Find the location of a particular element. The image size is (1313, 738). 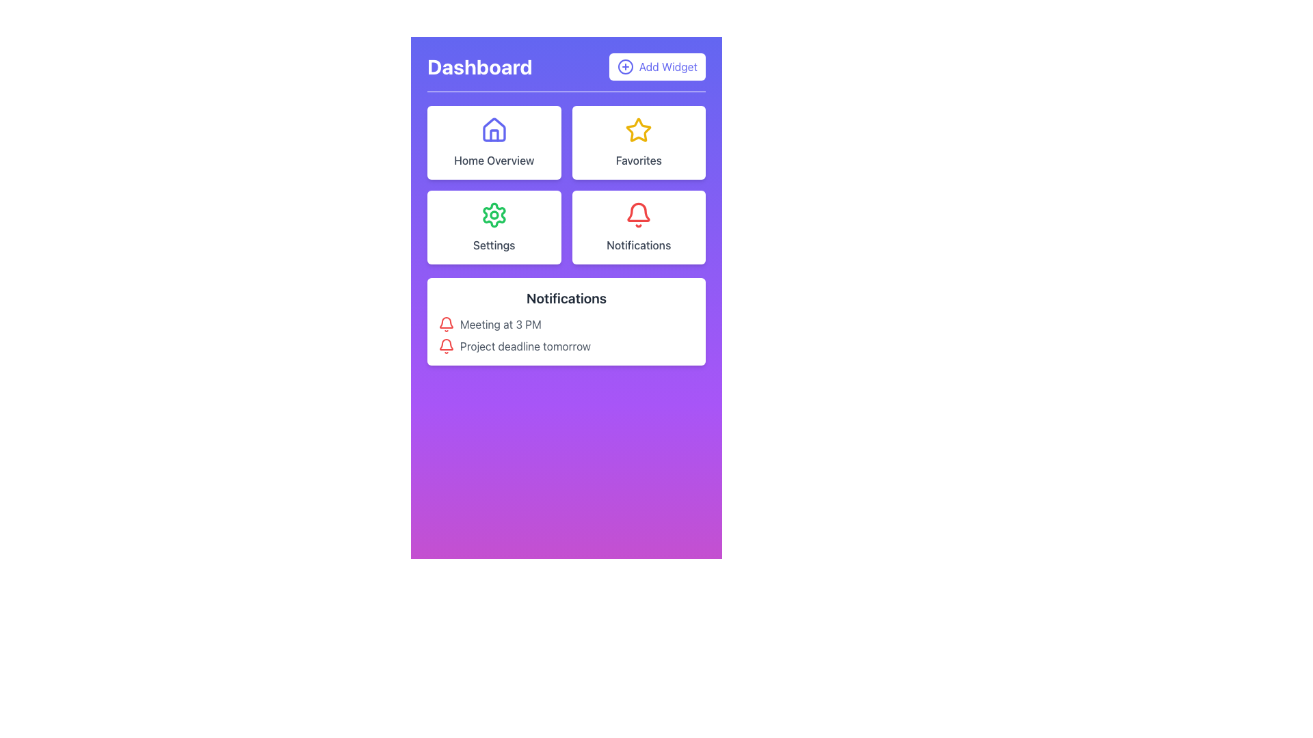

the upper part of the notification bell icon located within the 'Notifications' card on the dashboard is located at coordinates (638, 212).